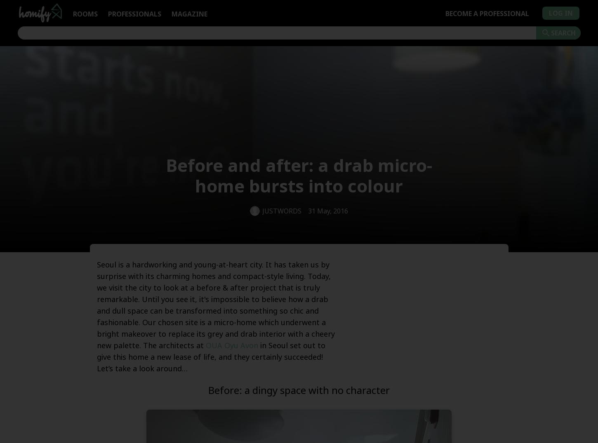  I want to click on 'Seoul is a hardworking and young-at-heart city. It has taken us by surprise with its charming
homes and compact-style living. Today, we visit the city to look at a before & after
project that is truly remarkable. Until you see it, it's impossible to believe how a drab and dull space can be transformed into something so chic and fashionable. Our chosen site is a micro-home which underwent a bright makeover to replace its grey and drab interior with a cheery new palette. The architects at', so click(216, 305).